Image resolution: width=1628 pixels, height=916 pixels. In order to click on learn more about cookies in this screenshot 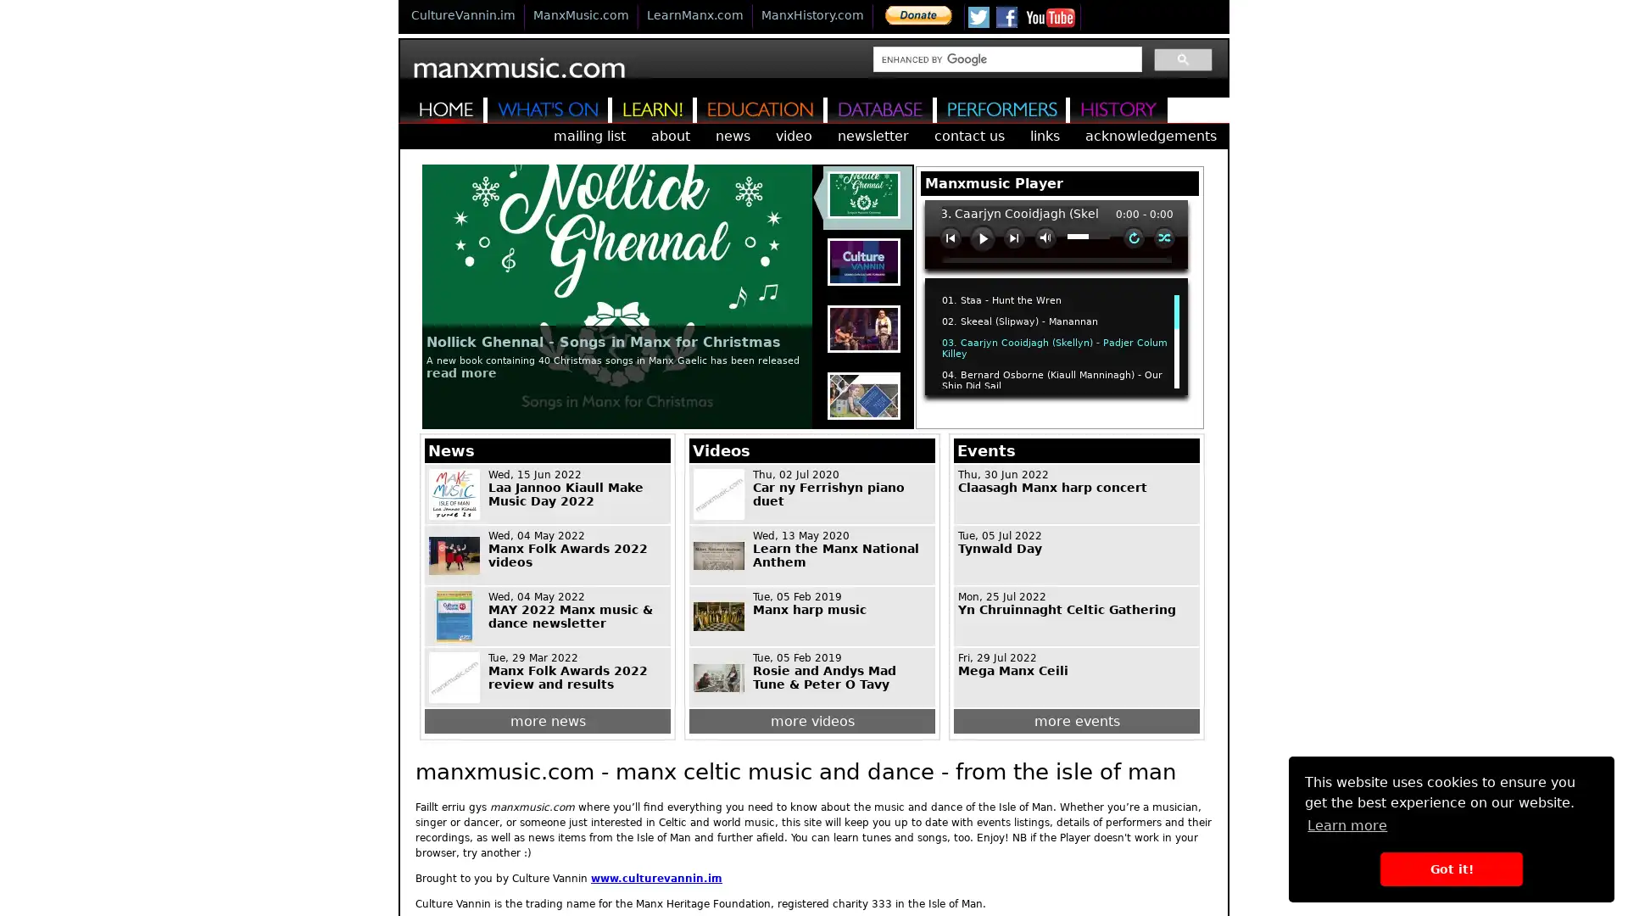, I will do `click(1346, 824)`.